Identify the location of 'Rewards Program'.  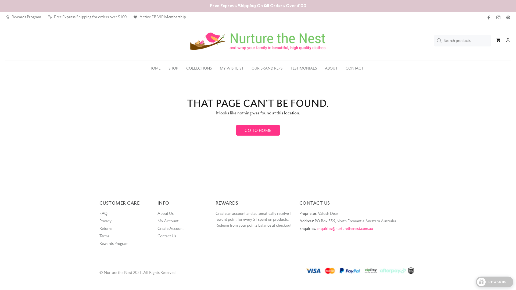
(23, 16).